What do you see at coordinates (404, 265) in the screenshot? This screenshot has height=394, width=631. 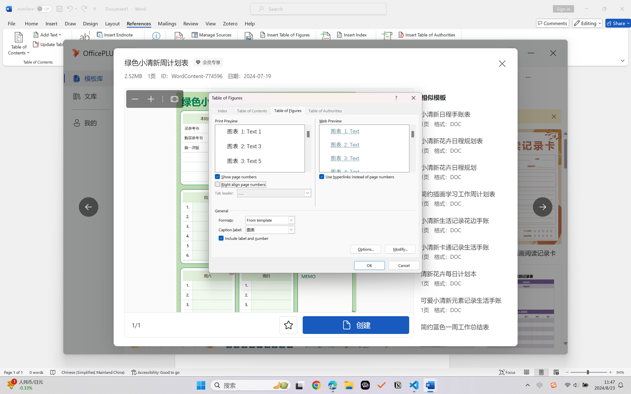 I see `'Cancel'` at bounding box center [404, 265].